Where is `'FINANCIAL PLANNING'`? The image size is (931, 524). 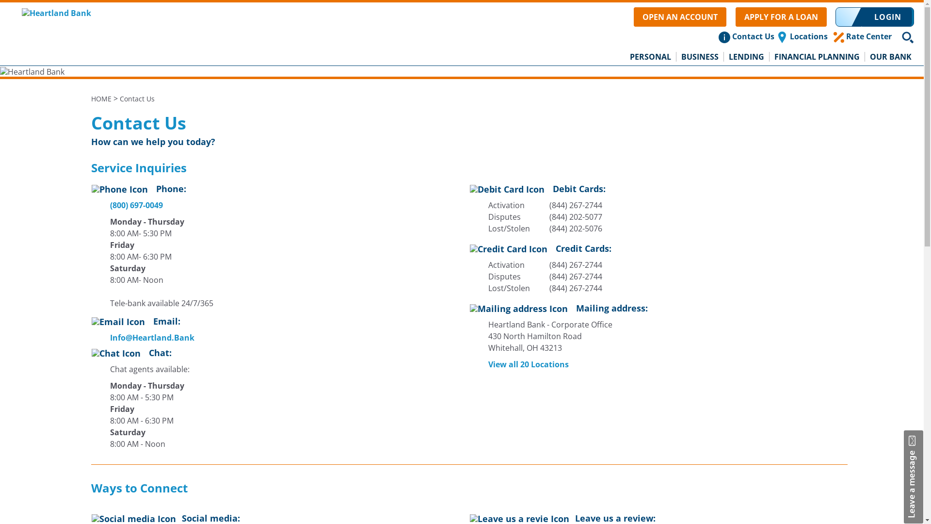 'FINANCIAL PLANNING' is located at coordinates (817, 56).